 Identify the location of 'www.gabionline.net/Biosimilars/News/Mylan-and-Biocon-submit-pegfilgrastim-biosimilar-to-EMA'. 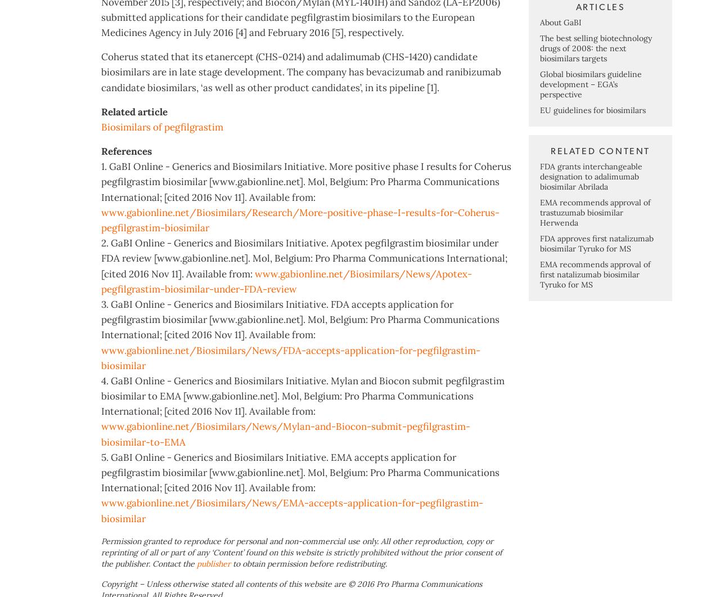
(286, 478).